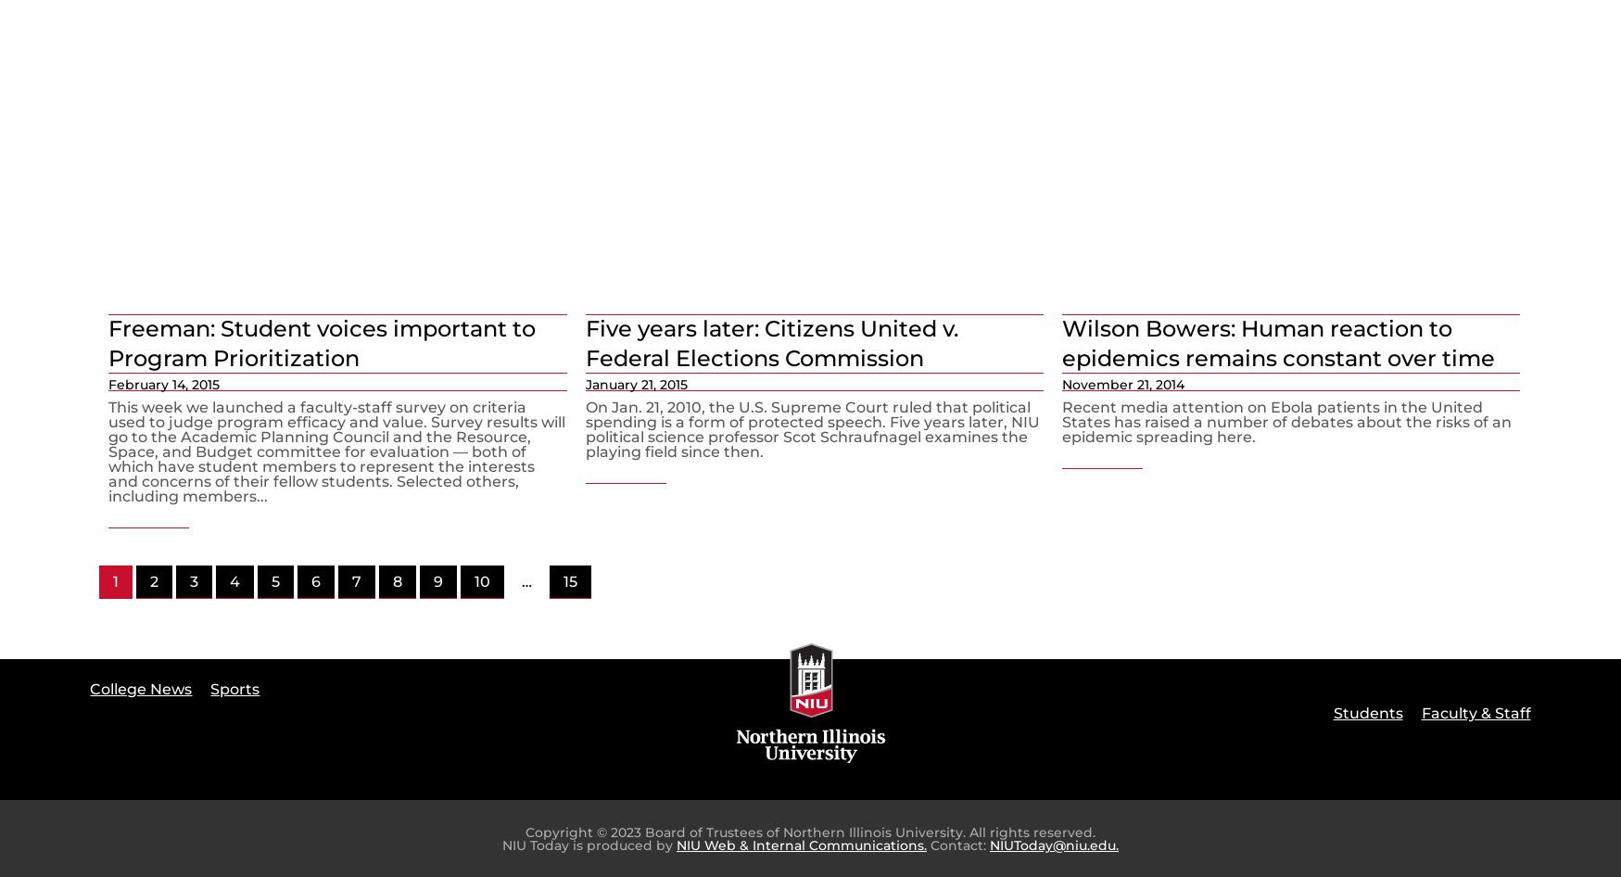  Describe the element at coordinates (482, 580) in the screenshot. I see `'10'` at that location.